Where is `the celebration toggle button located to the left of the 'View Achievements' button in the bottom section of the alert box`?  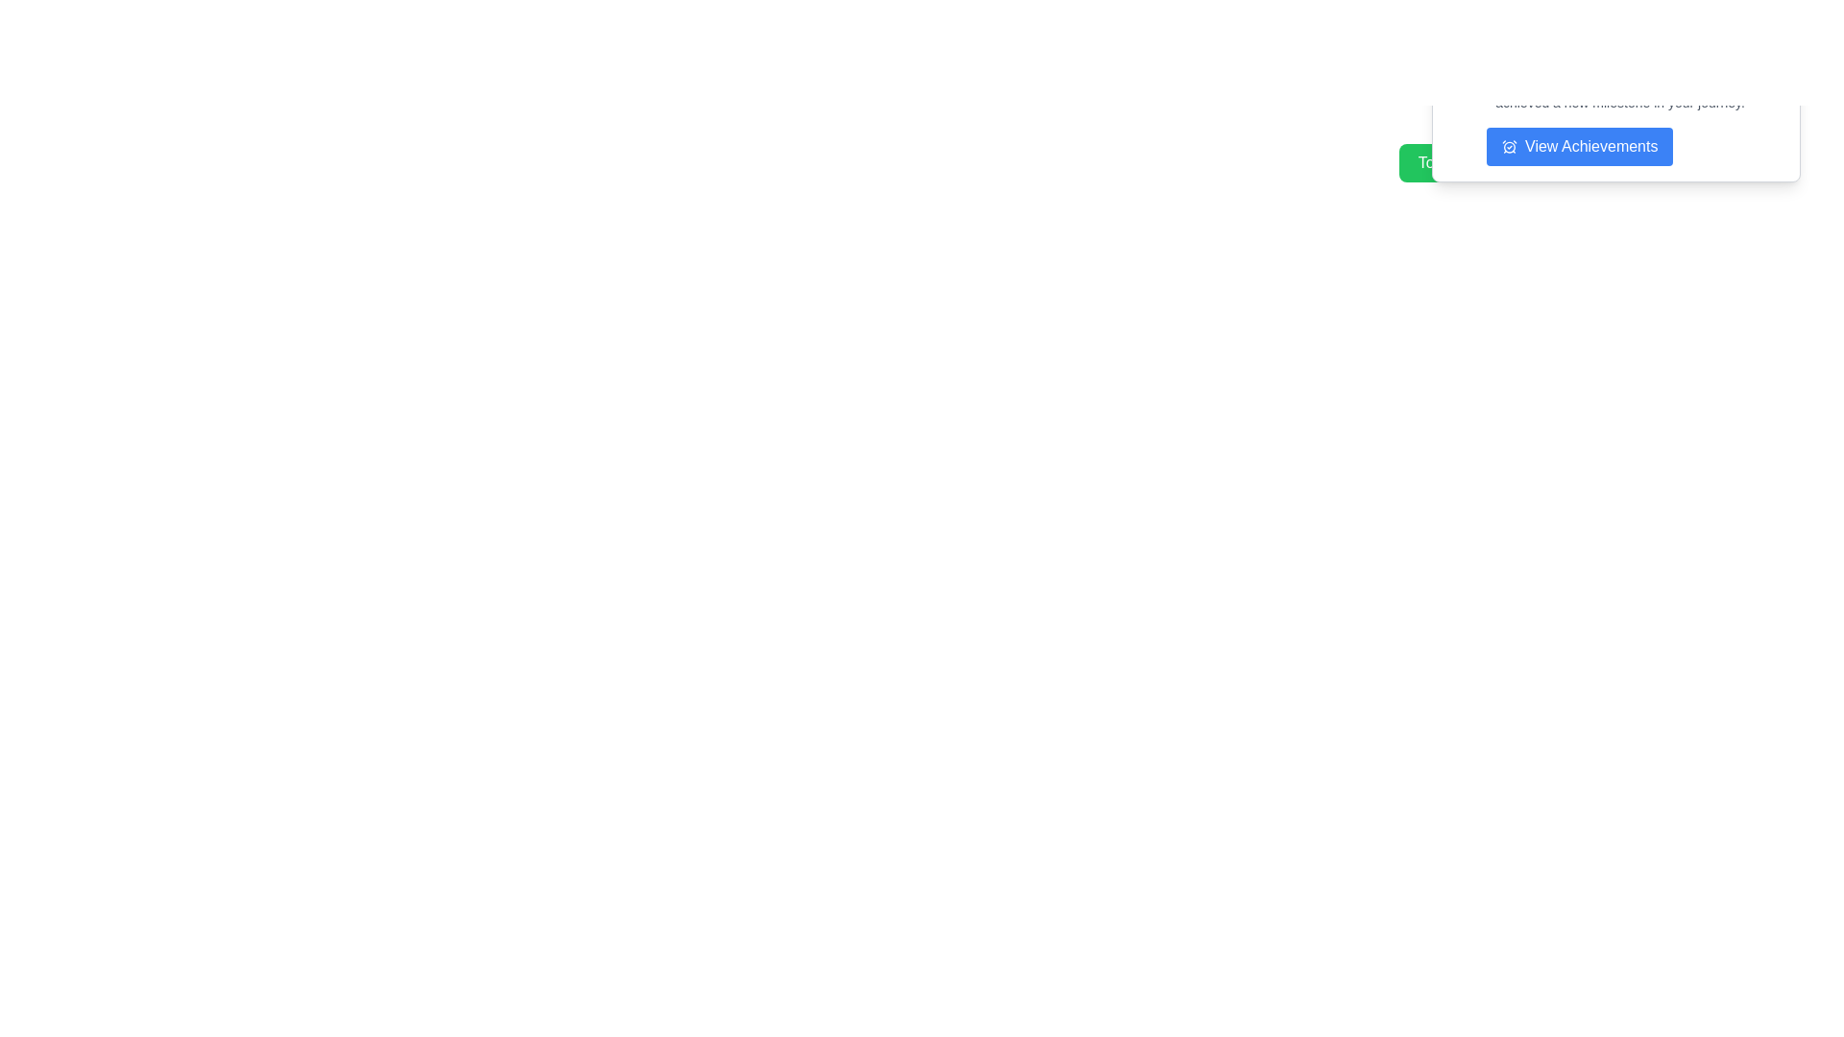
the celebration toggle button located to the left of the 'View Achievements' button in the bottom section of the alert box is located at coordinates (1481, 161).